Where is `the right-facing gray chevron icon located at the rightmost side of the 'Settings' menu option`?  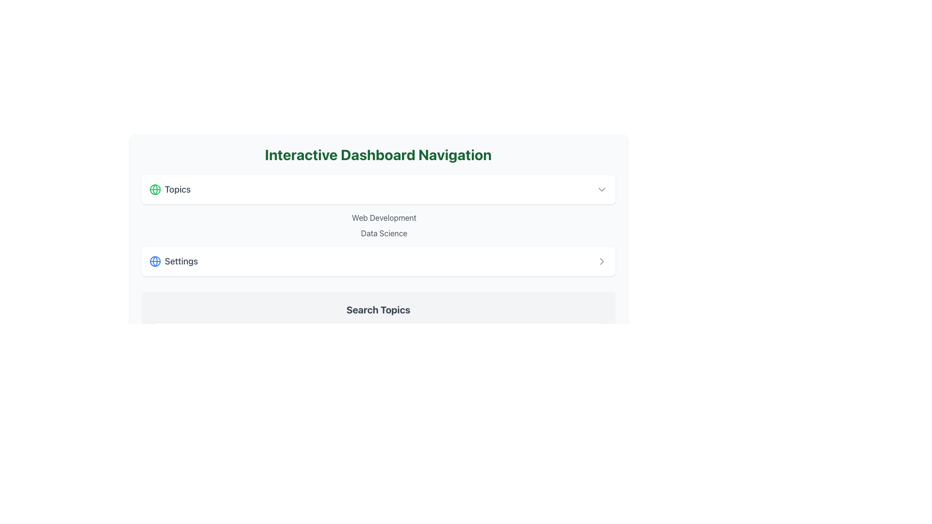 the right-facing gray chevron icon located at the rightmost side of the 'Settings' menu option is located at coordinates (601, 261).